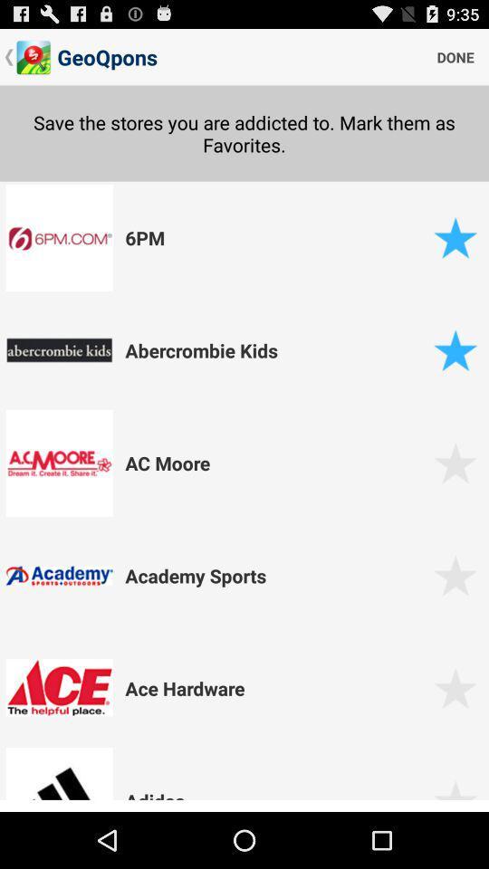 The height and width of the screenshot is (869, 489). What do you see at coordinates (276, 796) in the screenshot?
I see `adidas app` at bounding box center [276, 796].